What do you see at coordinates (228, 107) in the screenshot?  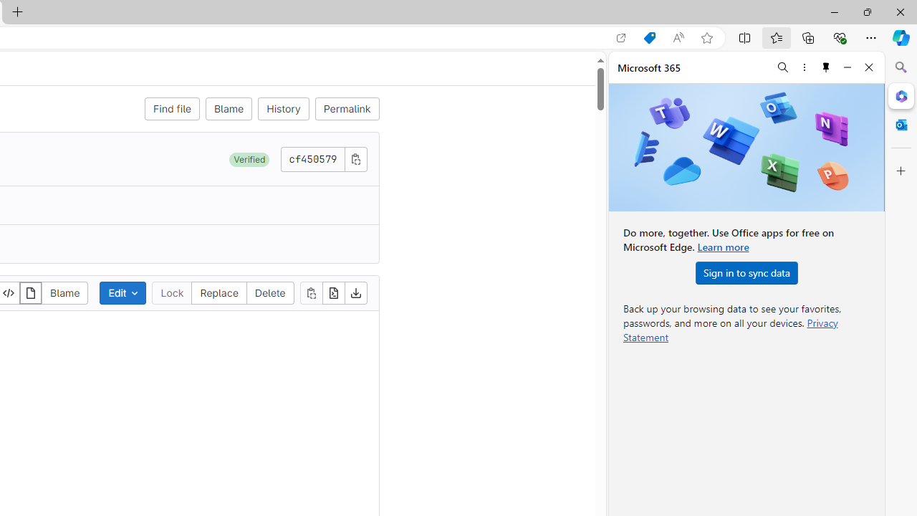 I see `'Blame'` at bounding box center [228, 107].